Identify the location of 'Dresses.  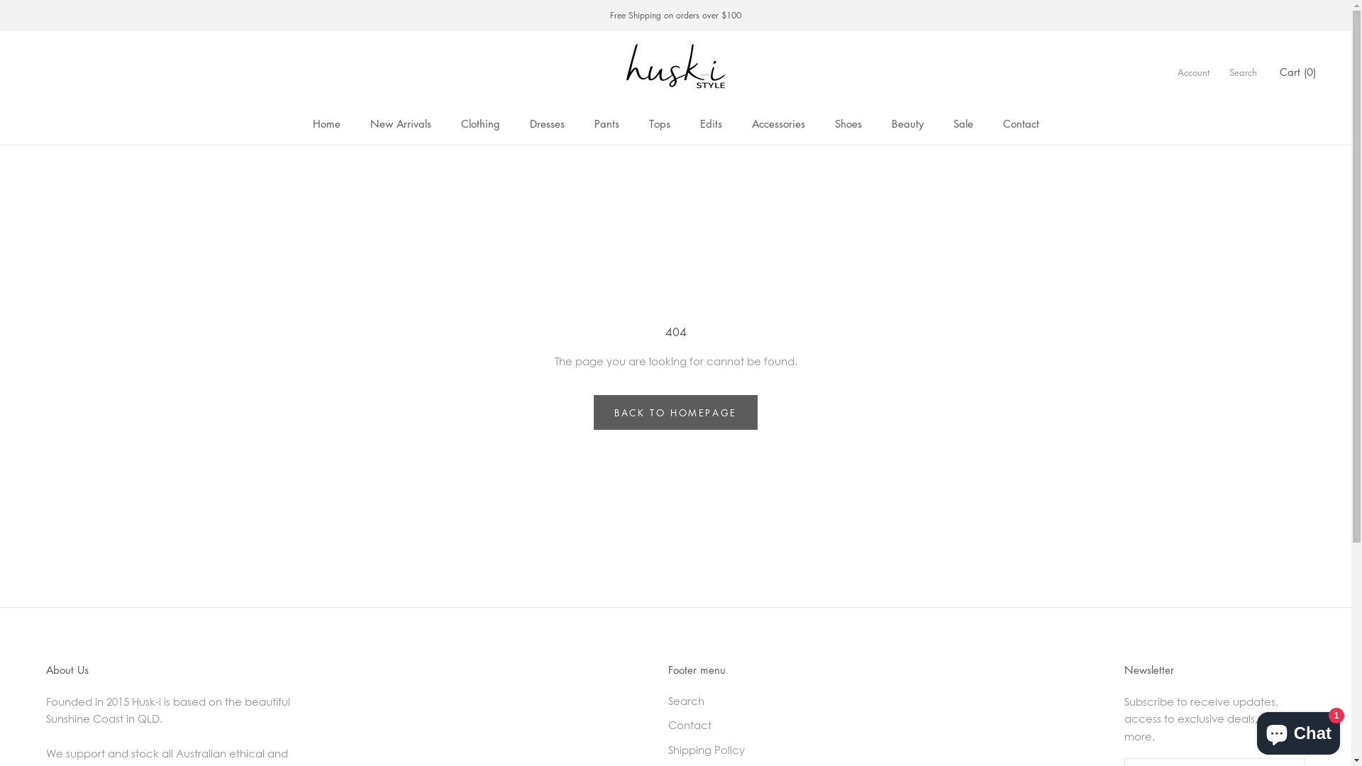
(528, 122).